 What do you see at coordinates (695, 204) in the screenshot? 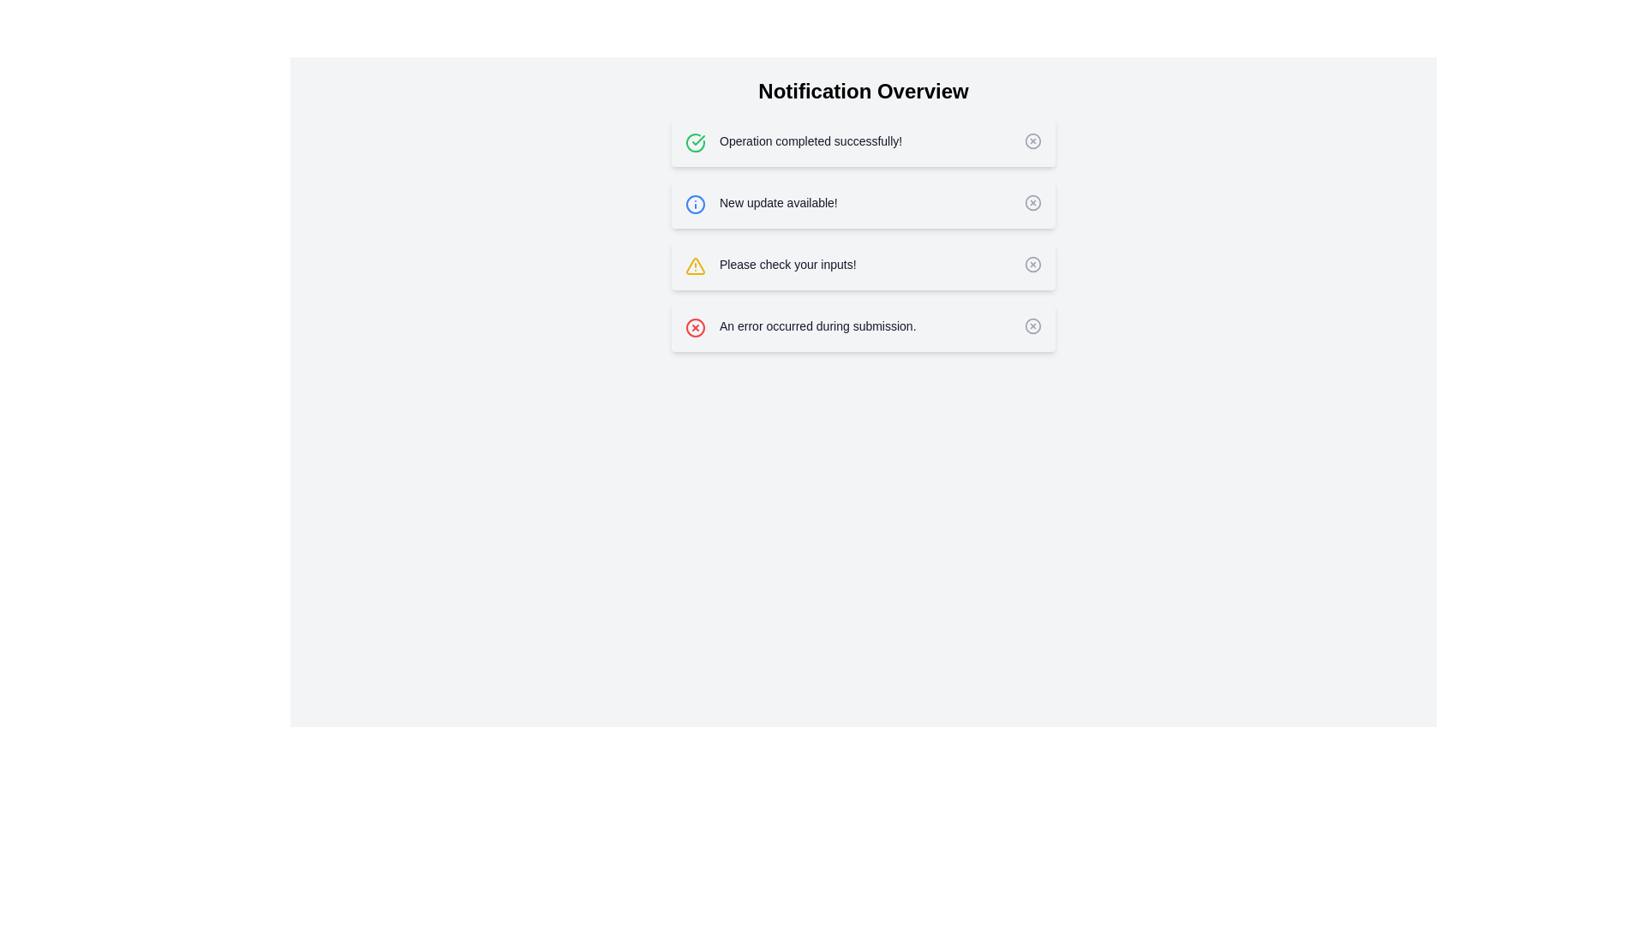
I see `the circular blue icon with an enclosed 'i' symbol that indicates an informational alert, positioned next to the notification 'New update available!'` at bounding box center [695, 204].